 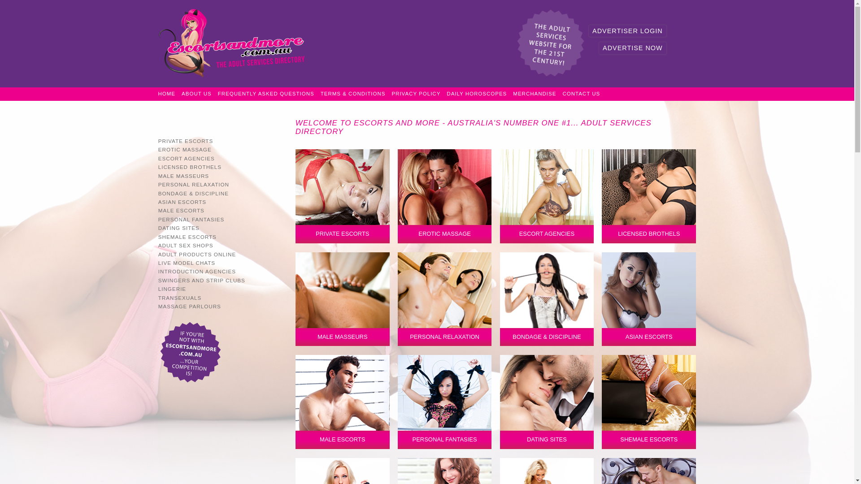 What do you see at coordinates (648, 196) in the screenshot?
I see `'LICENSED BROTHELS'` at bounding box center [648, 196].